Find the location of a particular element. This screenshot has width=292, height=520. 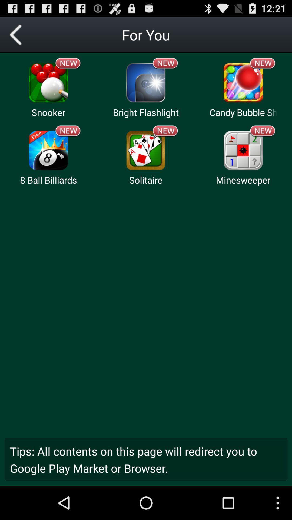

the arrow_backward icon is located at coordinates (17, 37).